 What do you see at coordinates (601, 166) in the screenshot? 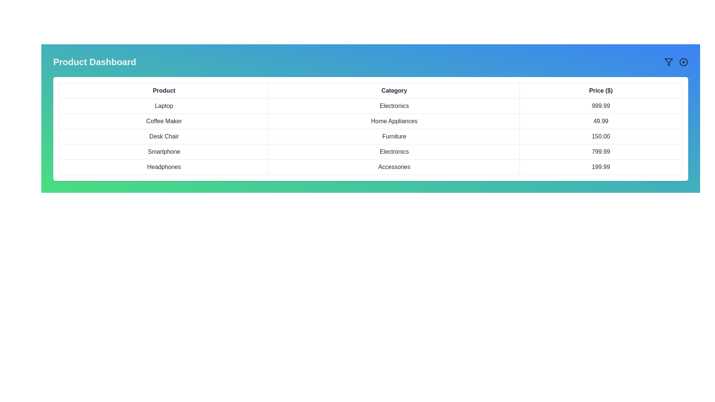
I see `the price display element located in the fifth row and third column of the table, adjacent to the text 'Accessories'` at bounding box center [601, 166].